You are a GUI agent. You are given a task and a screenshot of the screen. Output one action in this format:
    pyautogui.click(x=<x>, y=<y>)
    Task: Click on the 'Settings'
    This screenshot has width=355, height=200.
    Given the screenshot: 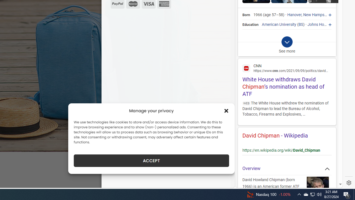 What is the action you would take?
    pyautogui.click(x=349, y=183)
    